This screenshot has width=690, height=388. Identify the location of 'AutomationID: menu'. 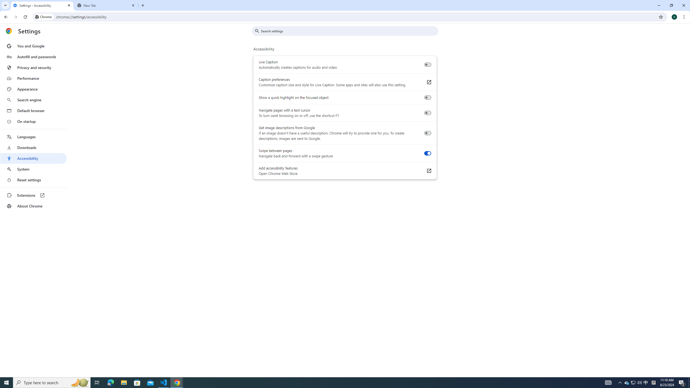
(34, 126).